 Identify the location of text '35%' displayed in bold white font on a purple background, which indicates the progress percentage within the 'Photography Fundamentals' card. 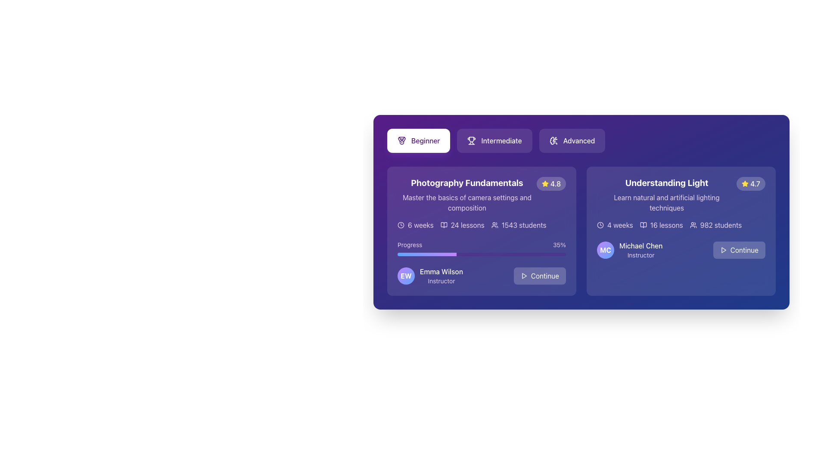
(560, 245).